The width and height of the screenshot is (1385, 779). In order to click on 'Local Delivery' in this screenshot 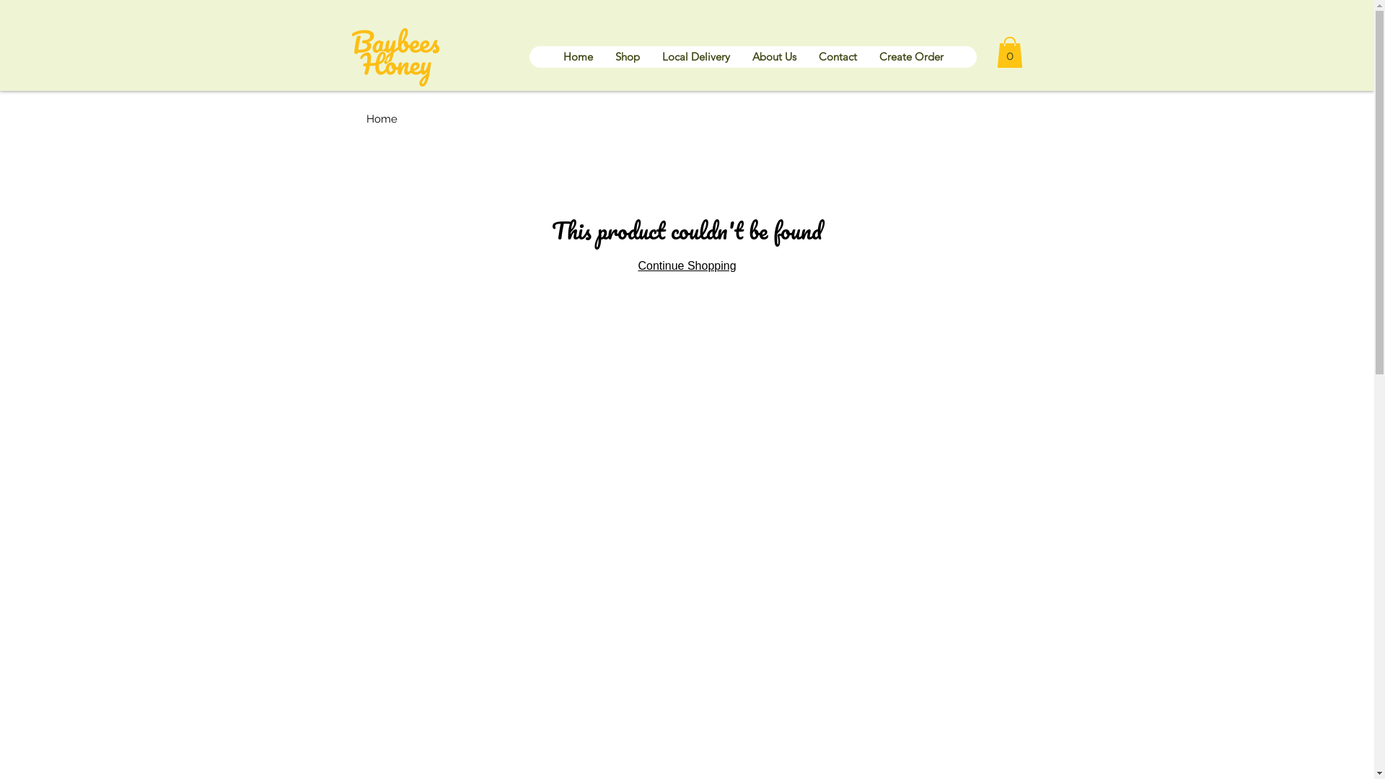, I will do `click(650, 56)`.